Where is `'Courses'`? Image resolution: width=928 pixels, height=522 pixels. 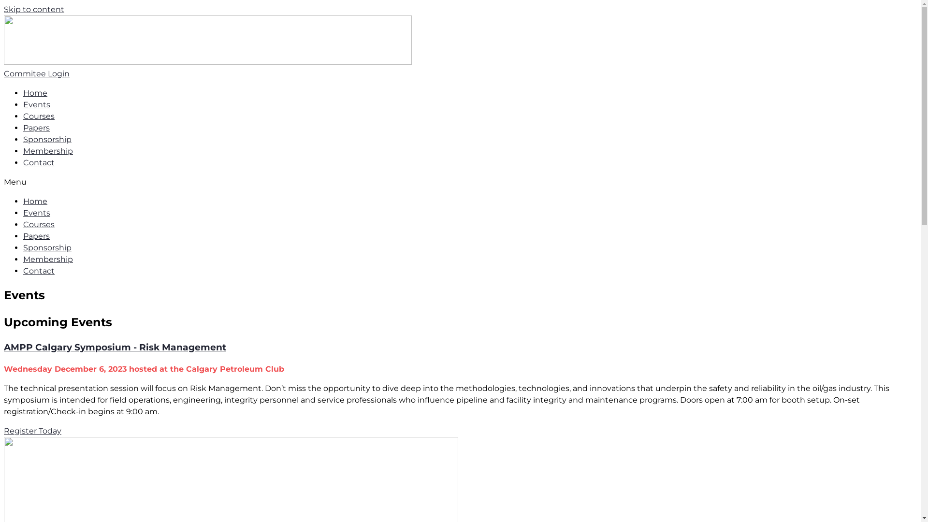 'Courses' is located at coordinates (39, 224).